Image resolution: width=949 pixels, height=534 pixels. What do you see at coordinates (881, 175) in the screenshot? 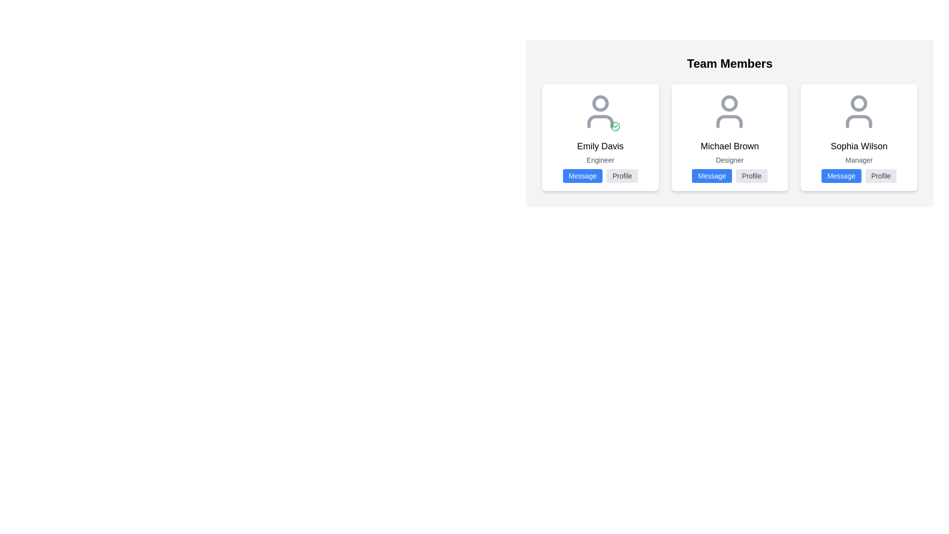
I see `the 'Profile' button, which is a rectangular button with a light gray background and rounded corners, located immediately to the right of the blue 'Message' button` at bounding box center [881, 175].